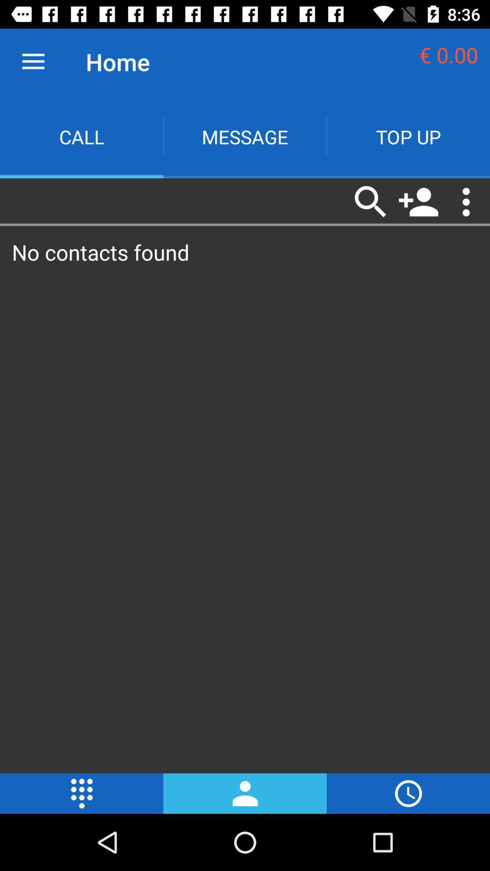 This screenshot has height=871, width=490. I want to click on the search icon, so click(371, 201).